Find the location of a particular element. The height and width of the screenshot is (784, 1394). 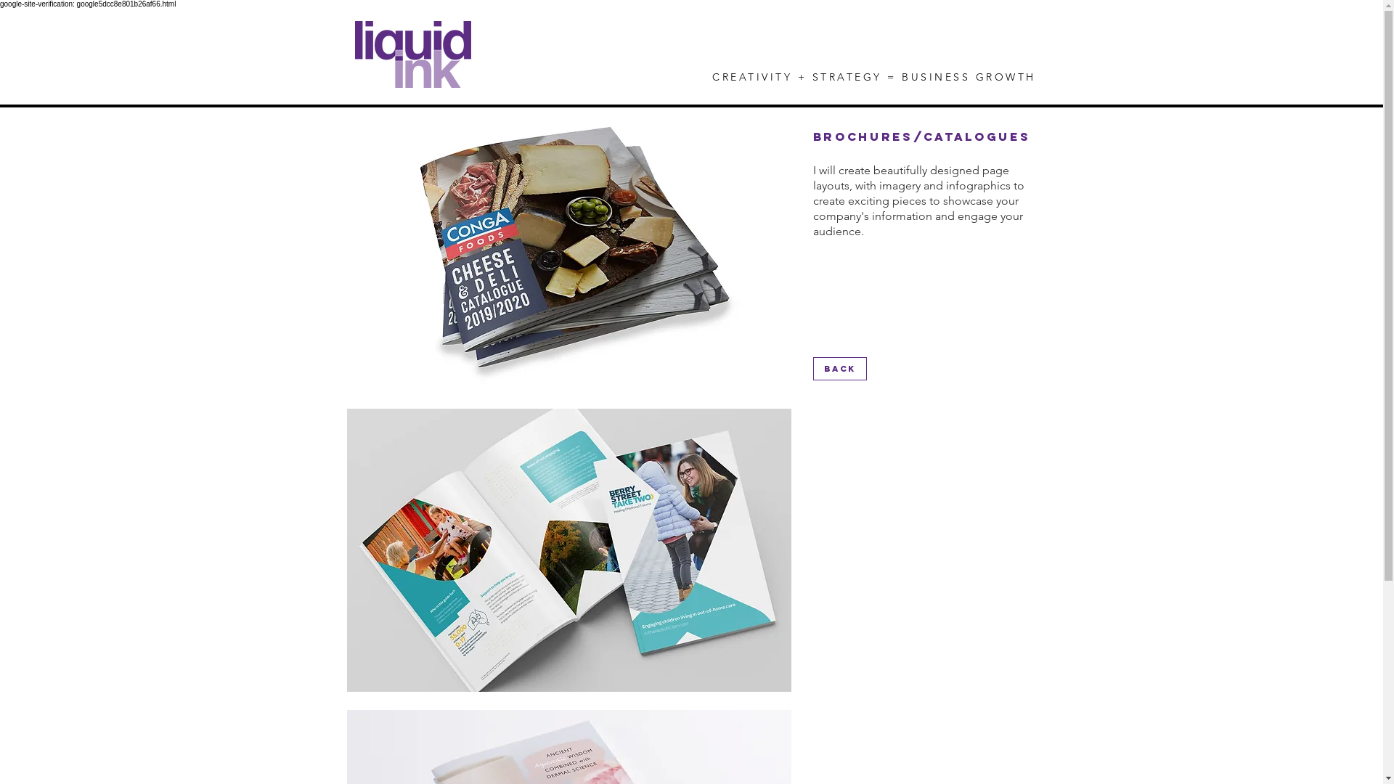

'BACK' is located at coordinates (839, 368).